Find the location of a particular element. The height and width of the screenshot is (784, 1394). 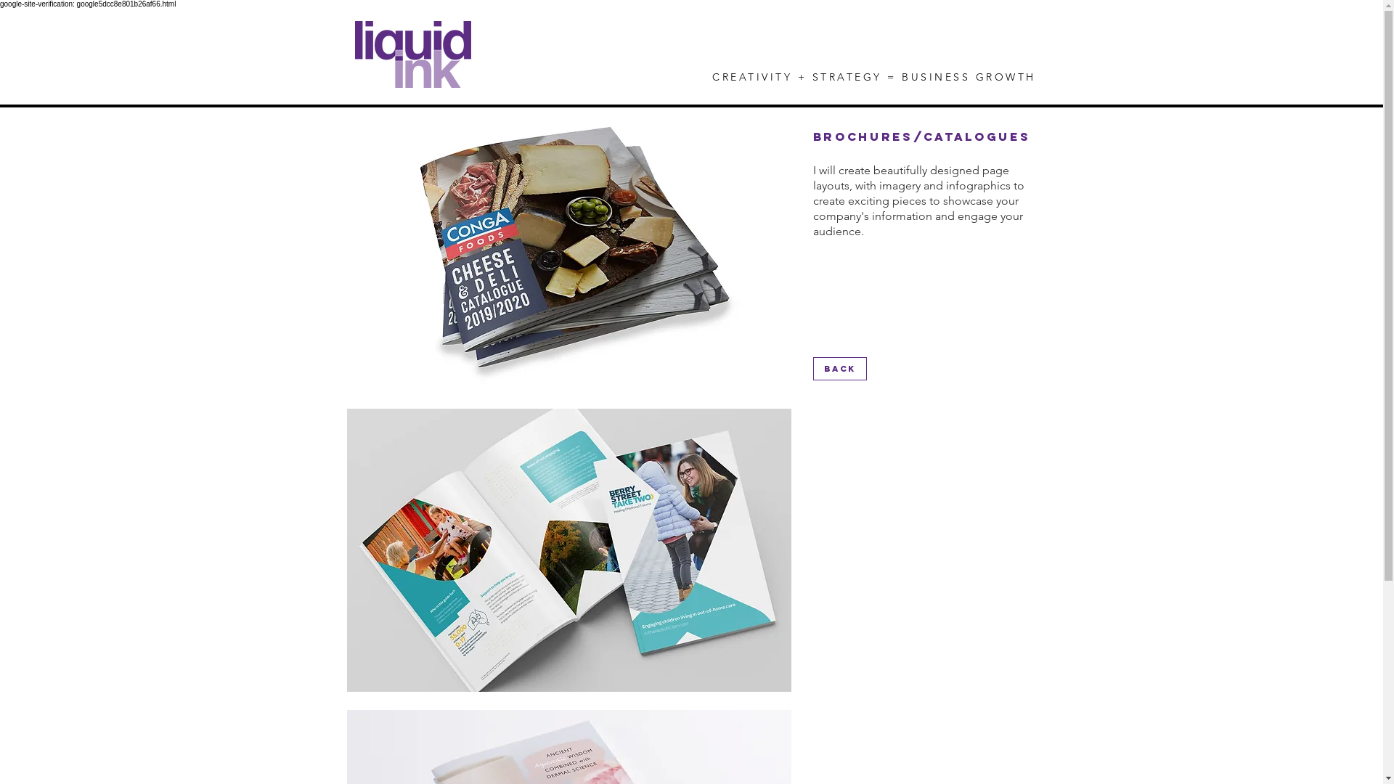

'BACK' is located at coordinates (839, 368).